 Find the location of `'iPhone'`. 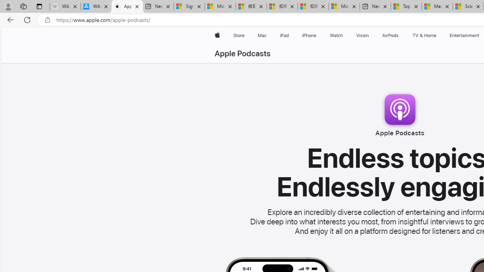

'iPhone' is located at coordinates (309, 35).